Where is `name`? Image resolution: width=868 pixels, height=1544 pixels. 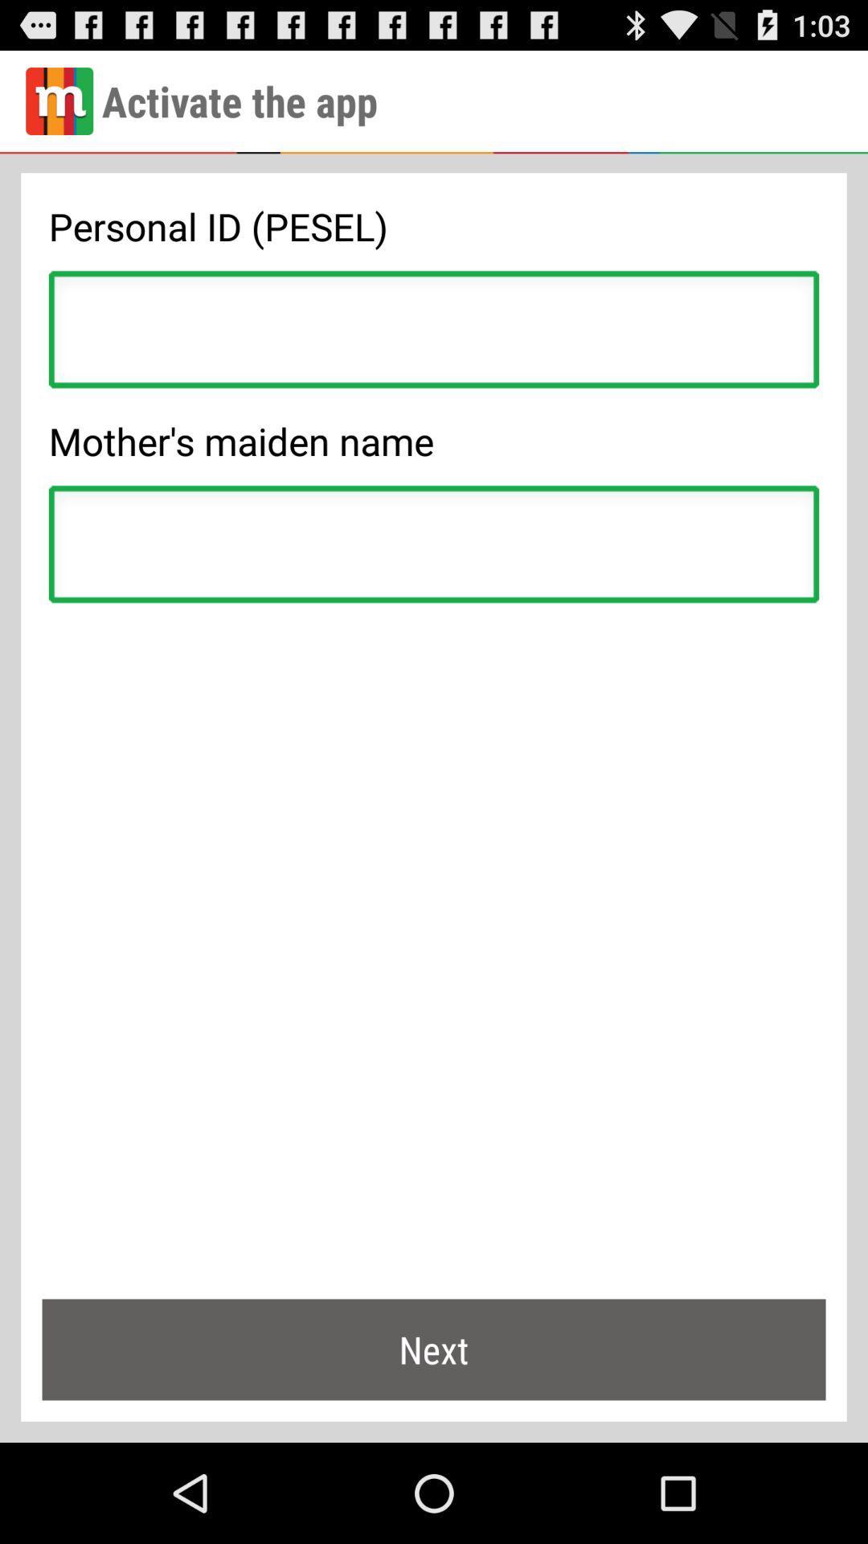 name is located at coordinates (434, 548).